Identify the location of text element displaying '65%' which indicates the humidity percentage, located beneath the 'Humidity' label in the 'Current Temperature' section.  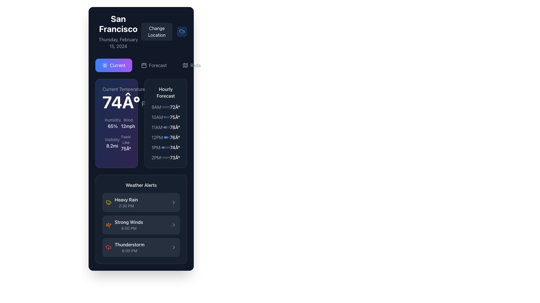
(112, 126).